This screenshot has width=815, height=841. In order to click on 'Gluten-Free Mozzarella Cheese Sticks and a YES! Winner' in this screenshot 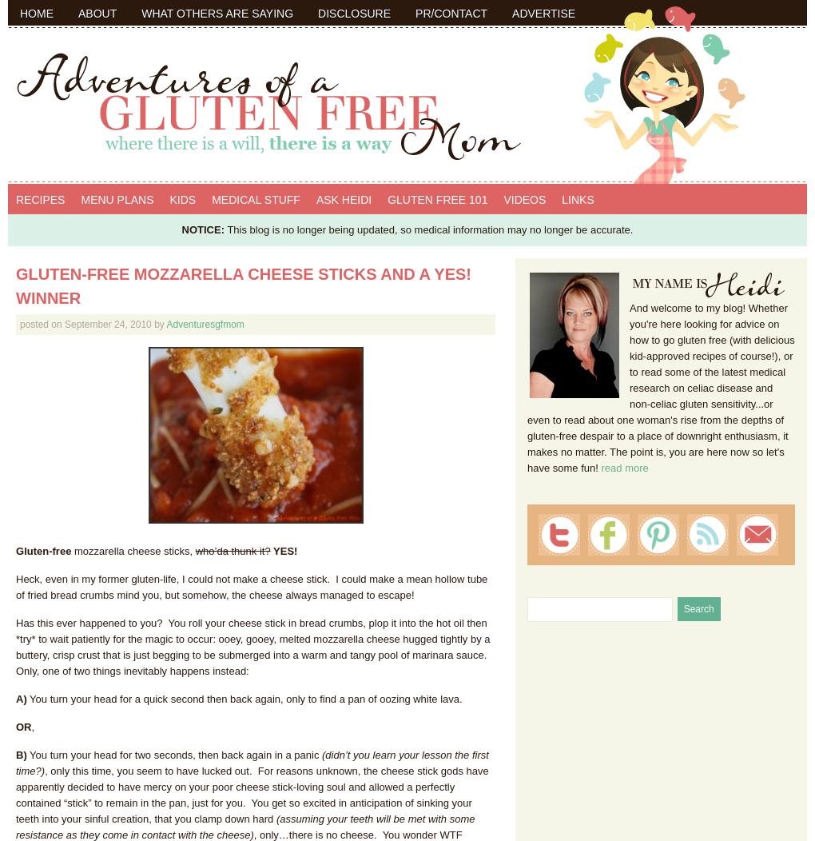, I will do `click(243, 285)`.